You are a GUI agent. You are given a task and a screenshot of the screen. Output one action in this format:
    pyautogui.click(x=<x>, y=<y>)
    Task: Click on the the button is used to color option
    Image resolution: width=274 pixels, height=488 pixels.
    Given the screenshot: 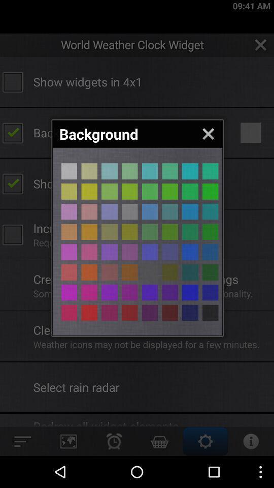 What is the action you would take?
    pyautogui.click(x=210, y=312)
    